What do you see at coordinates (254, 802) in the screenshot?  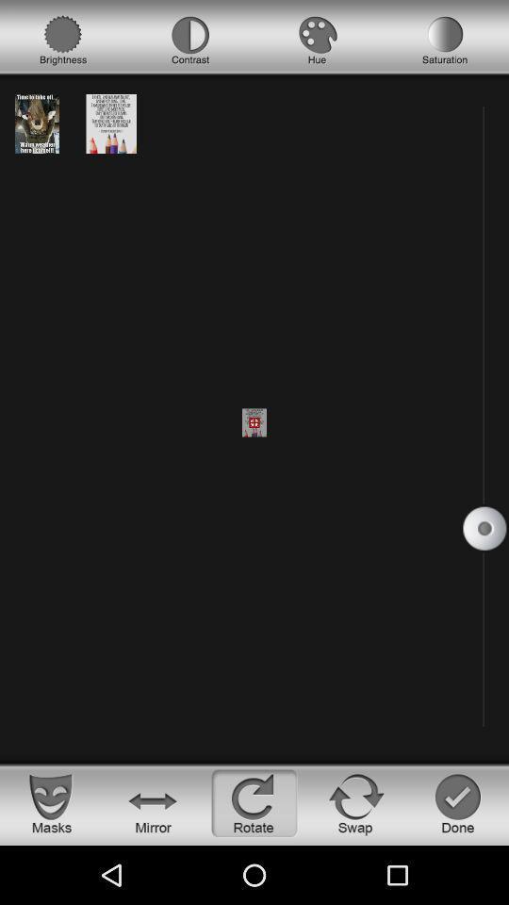 I see `the rotate icon which is in the bottom middle of the screen` at bounding box center [254, 802].